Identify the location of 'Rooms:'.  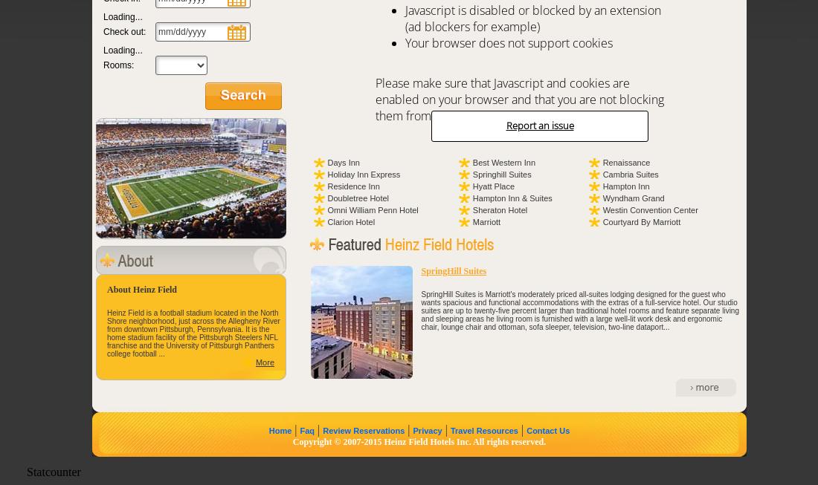
(117, 65).